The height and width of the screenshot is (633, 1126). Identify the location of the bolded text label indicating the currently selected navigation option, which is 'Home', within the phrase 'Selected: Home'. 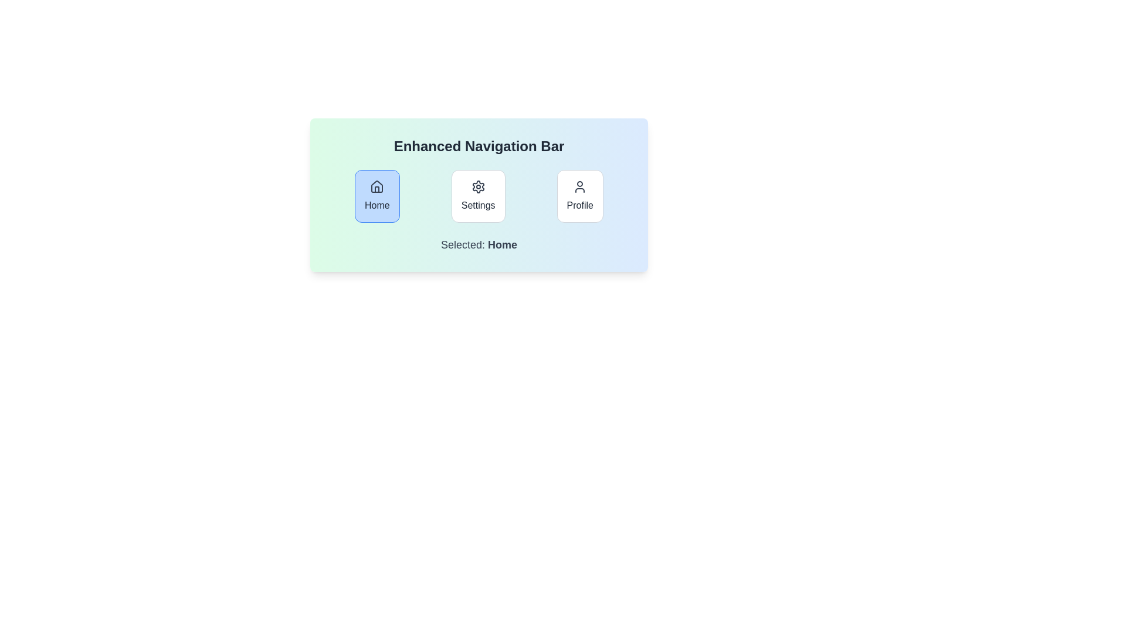
(503, 244).